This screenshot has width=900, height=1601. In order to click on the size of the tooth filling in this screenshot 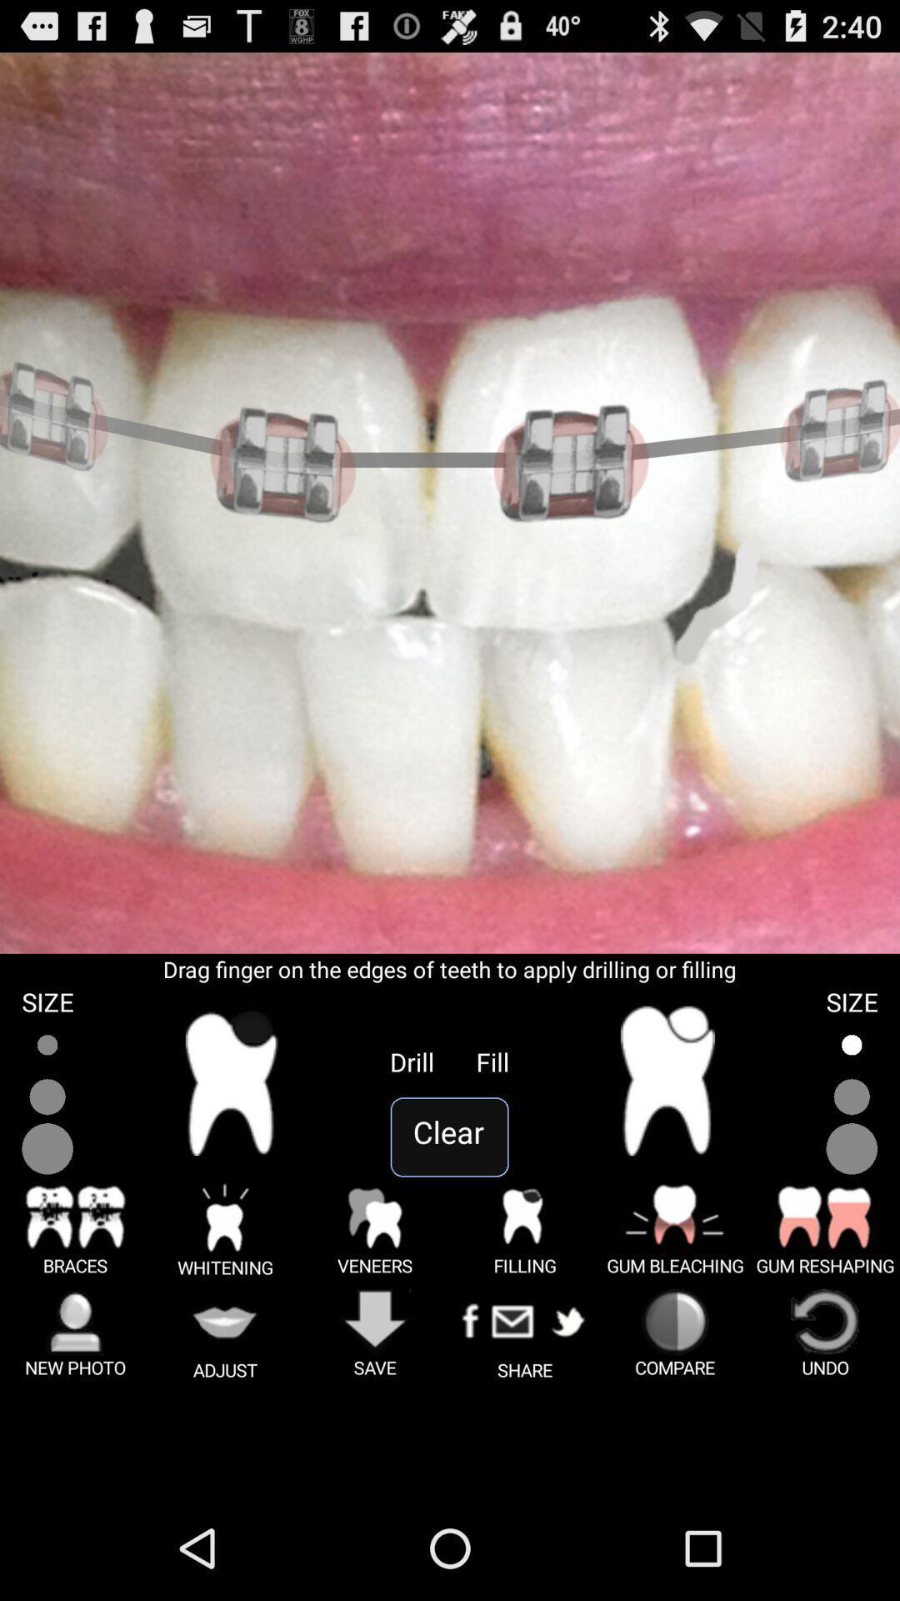, I will do `click(852, 1097)`.